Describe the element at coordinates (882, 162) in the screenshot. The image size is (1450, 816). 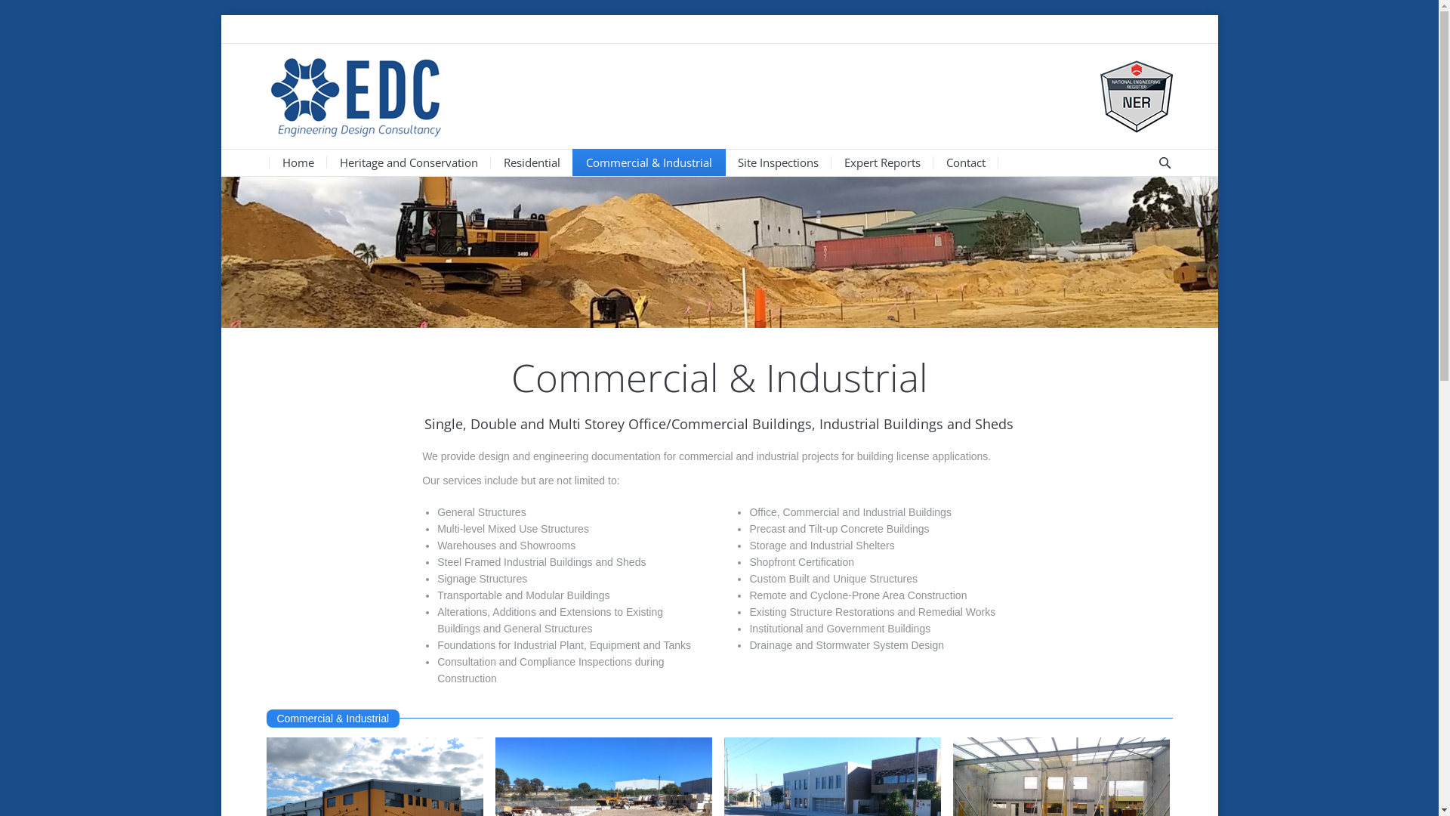
I see `'Expert Reports'` at that location.